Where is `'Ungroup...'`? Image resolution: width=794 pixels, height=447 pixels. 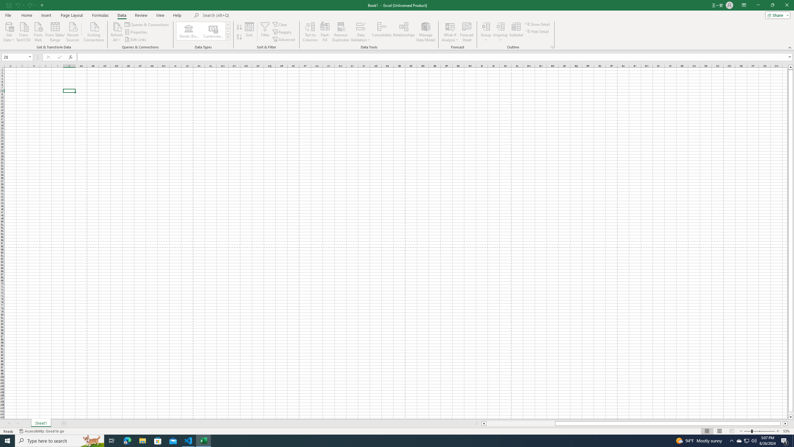 'Ungroup...' is located at coordinates (501, 32).